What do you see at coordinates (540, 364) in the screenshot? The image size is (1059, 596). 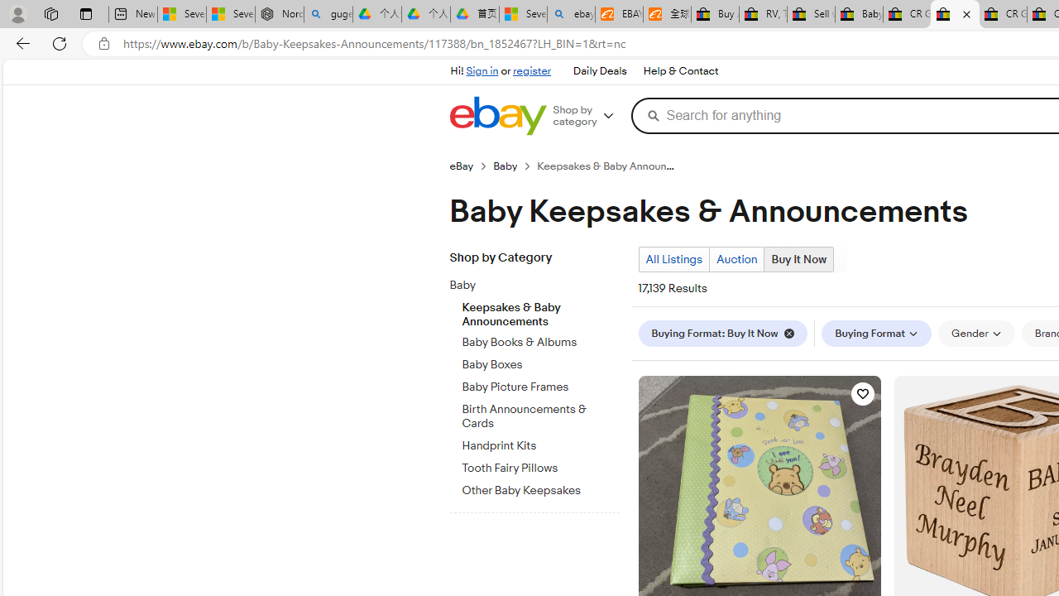 I see `'Baby Boxes'` at bounding box center [540, 364].